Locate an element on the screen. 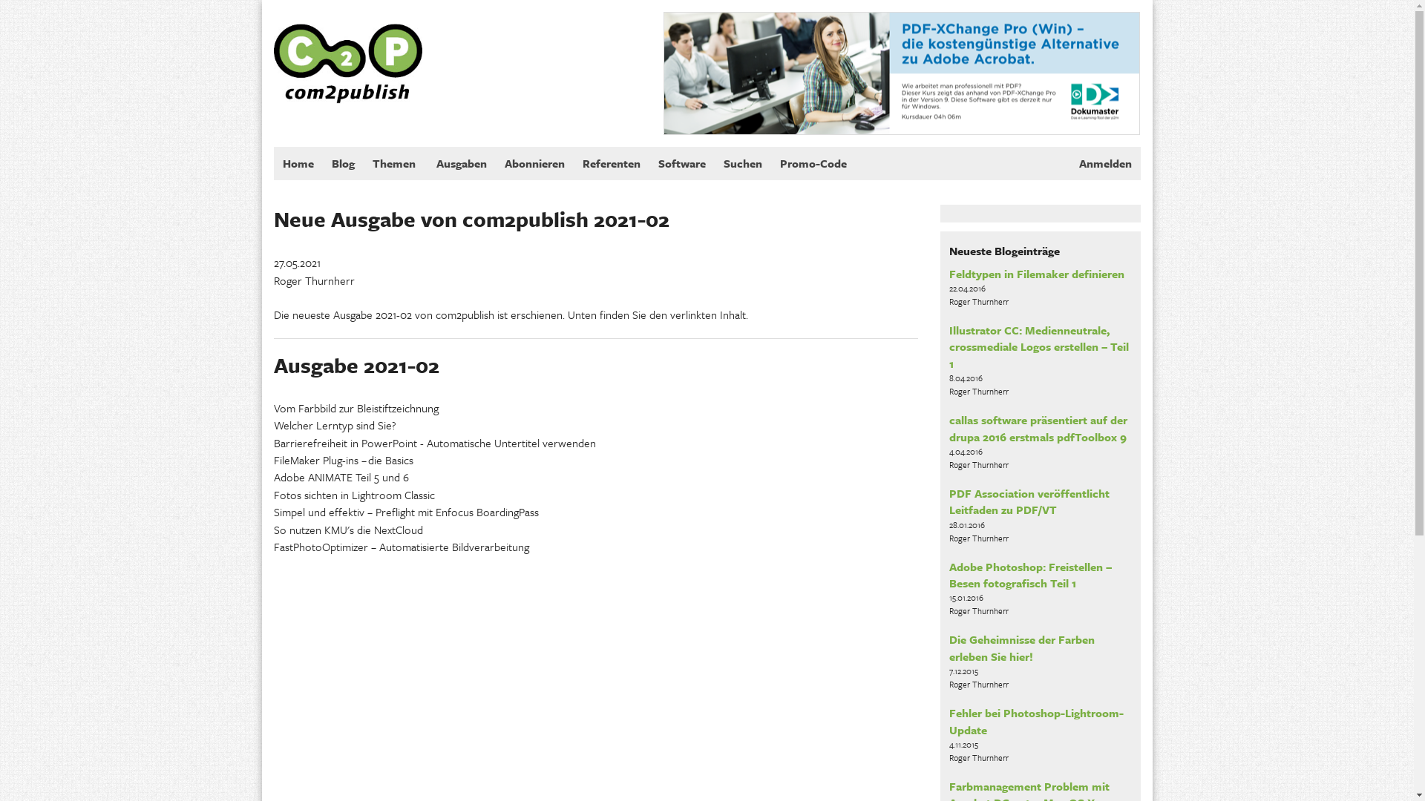 The height and width of the screenshot is (801, 1425). 'Blog' is located at coordinates (321, 163).